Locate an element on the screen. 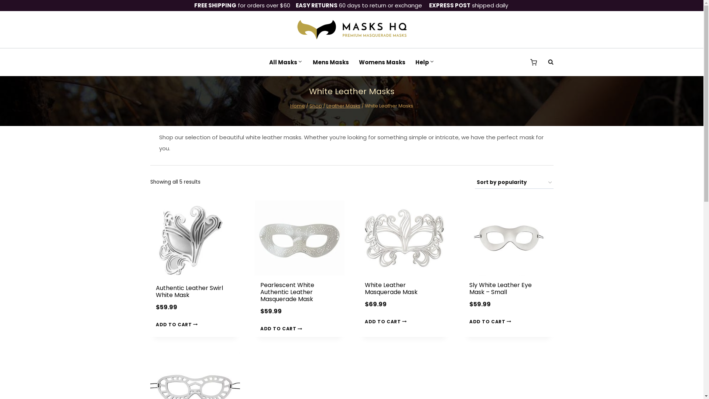  'ADD TO CART' is located at coordinates (178, 324).